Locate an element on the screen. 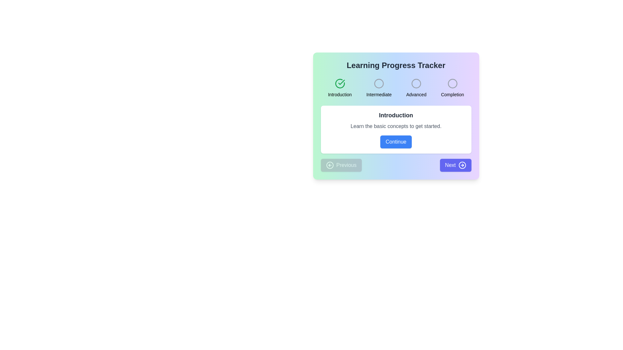 Image resolution: width=623 pixels, height=350 pixels. the 'Next' button, which is a rectangular button with bold white text against an indigo background, located at the bottom-right corner of the 'Learning Progress Tracker' interface is located at coordinates (455, 165).